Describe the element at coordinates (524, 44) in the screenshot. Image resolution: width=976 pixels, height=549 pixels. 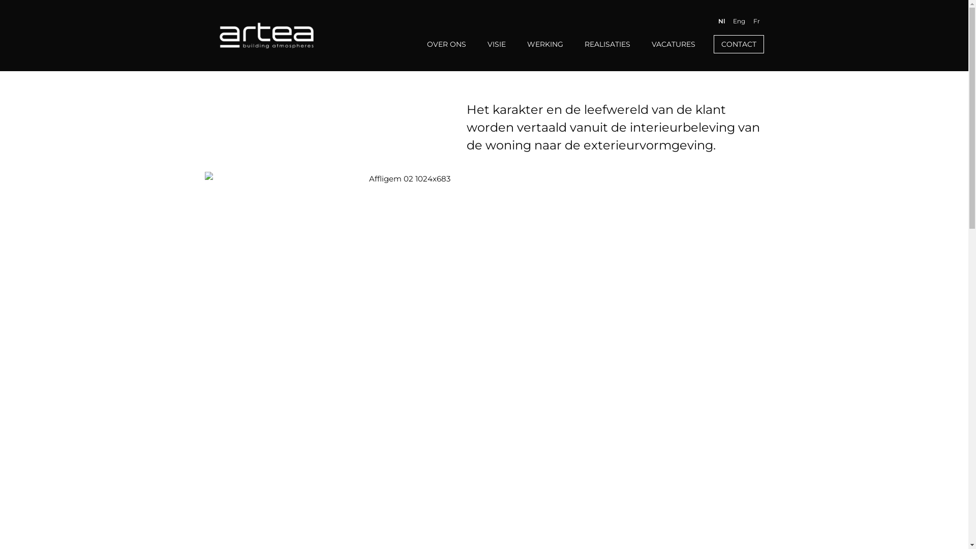
I see `'WERKING'` at that location.